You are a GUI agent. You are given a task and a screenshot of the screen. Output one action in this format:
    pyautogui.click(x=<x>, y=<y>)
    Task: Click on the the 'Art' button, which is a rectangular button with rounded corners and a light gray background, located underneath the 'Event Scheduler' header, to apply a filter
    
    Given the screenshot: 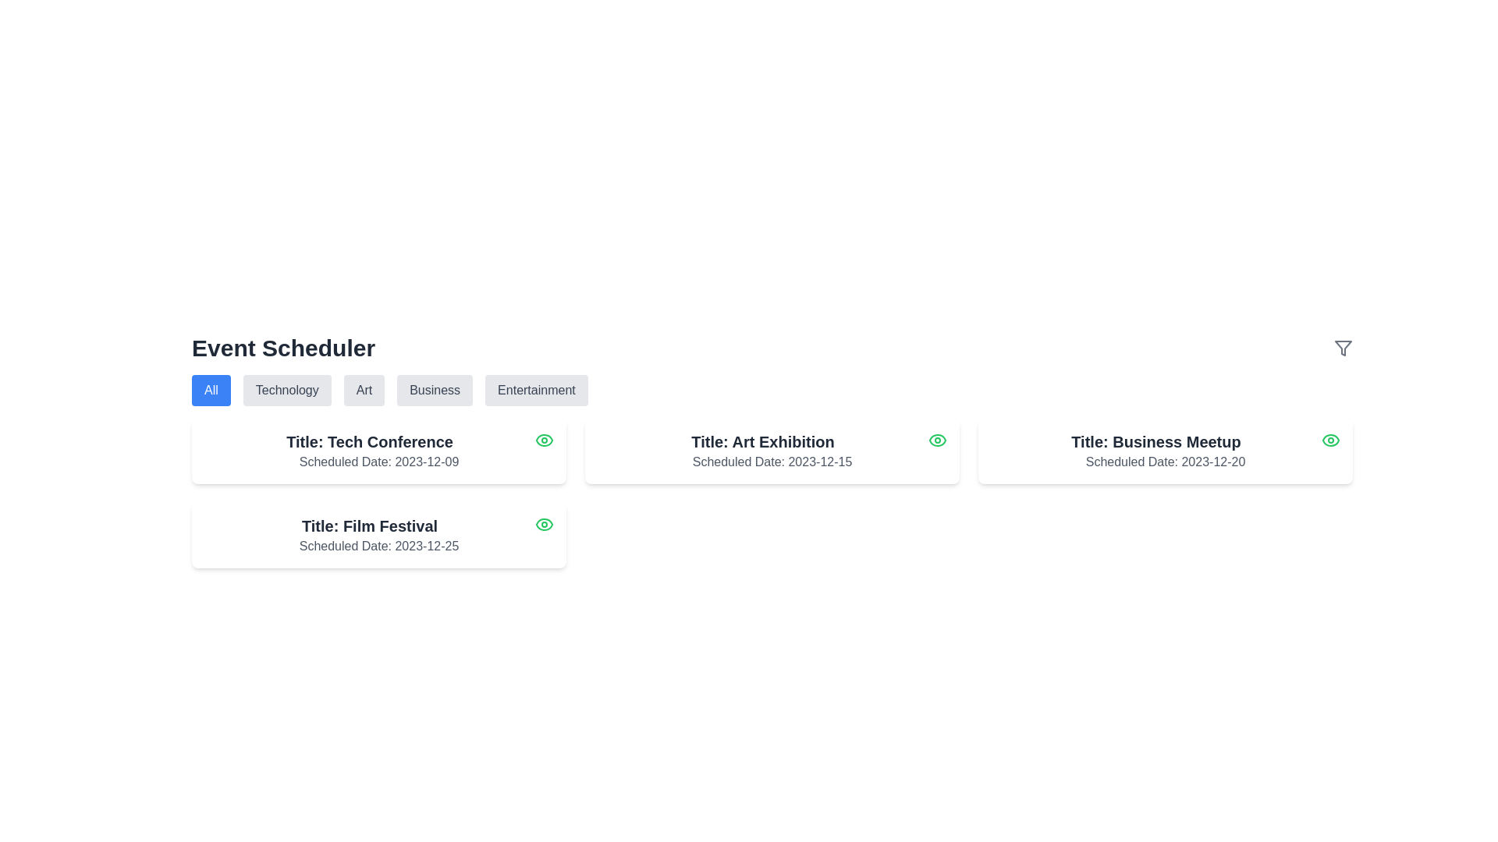 What is the action you would take?
    pyautogui.click(x=363, y=390)
    